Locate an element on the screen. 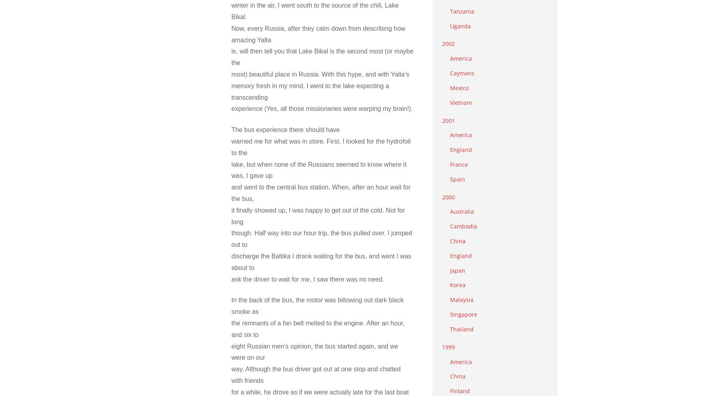 The width and height of the screenshot is (705, 396). 'France' is located at coordinates (450, 164).